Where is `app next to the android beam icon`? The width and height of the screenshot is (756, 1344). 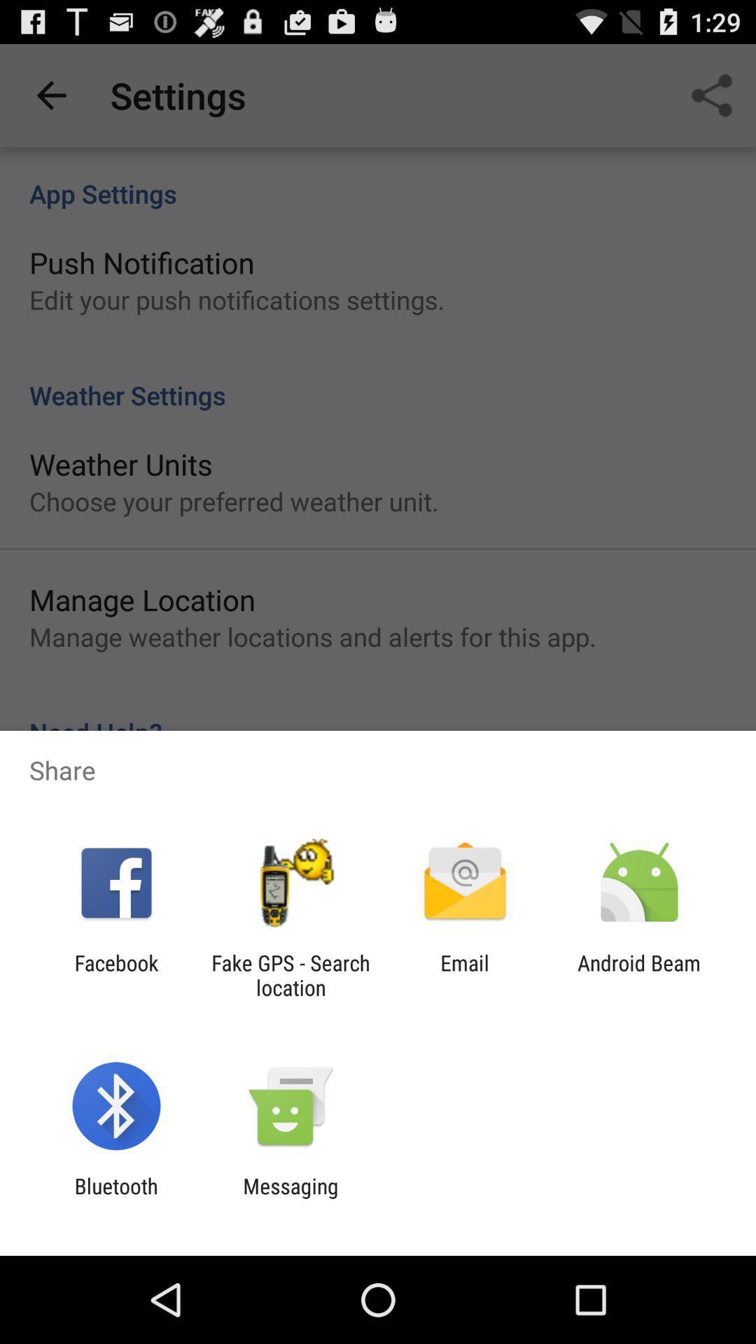 app next to the android beam icon is located at coordinates (465, 974).